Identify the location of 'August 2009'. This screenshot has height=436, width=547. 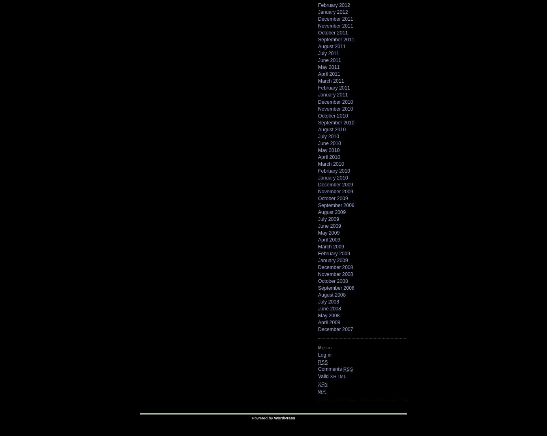
(332, 212).